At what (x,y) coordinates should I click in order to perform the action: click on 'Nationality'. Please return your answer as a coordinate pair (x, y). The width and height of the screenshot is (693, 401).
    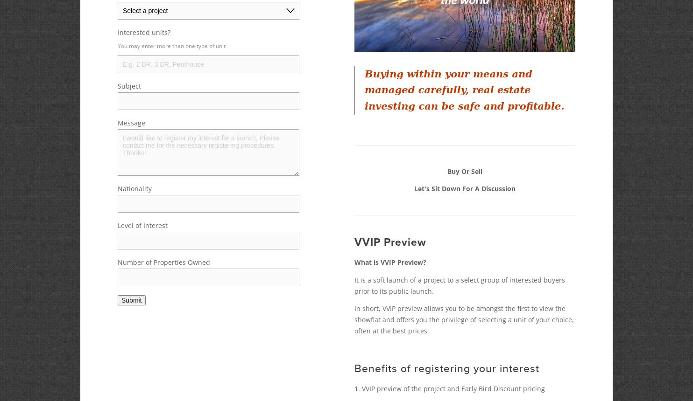
    Looking at the image, I should click on (134, 188).